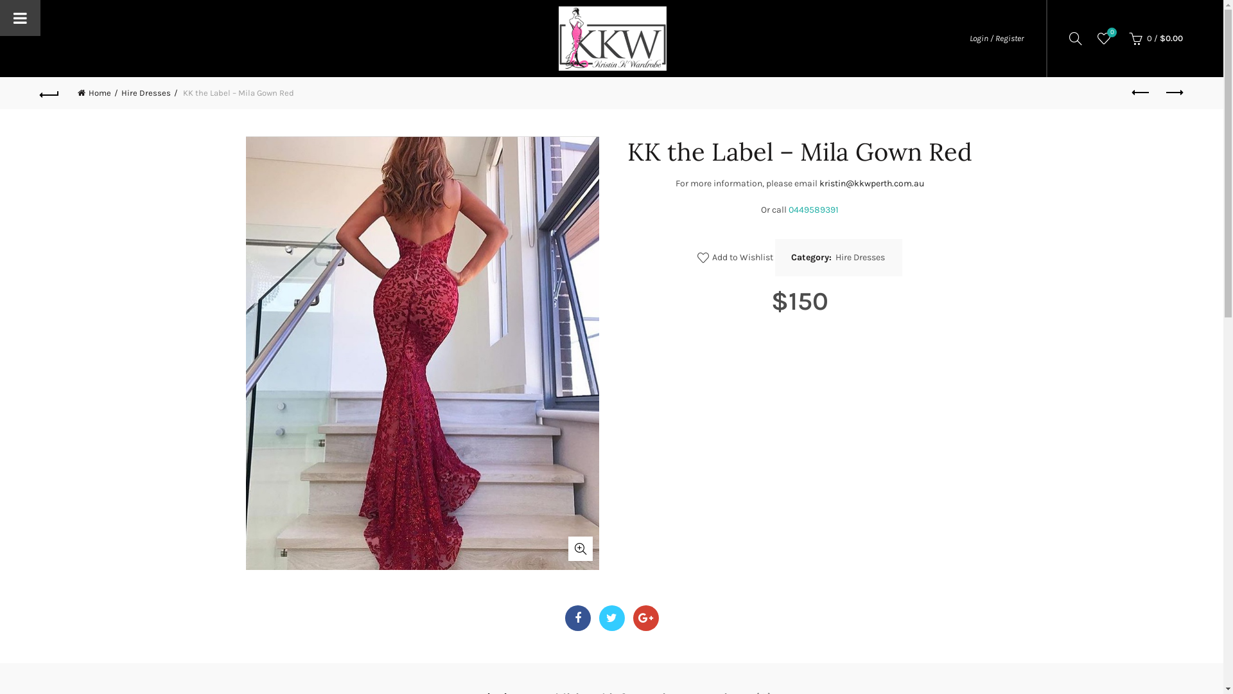  Describe the element at coordinates (150, 92) in the screenshot. I see `'Hire Dresses'` at that location.